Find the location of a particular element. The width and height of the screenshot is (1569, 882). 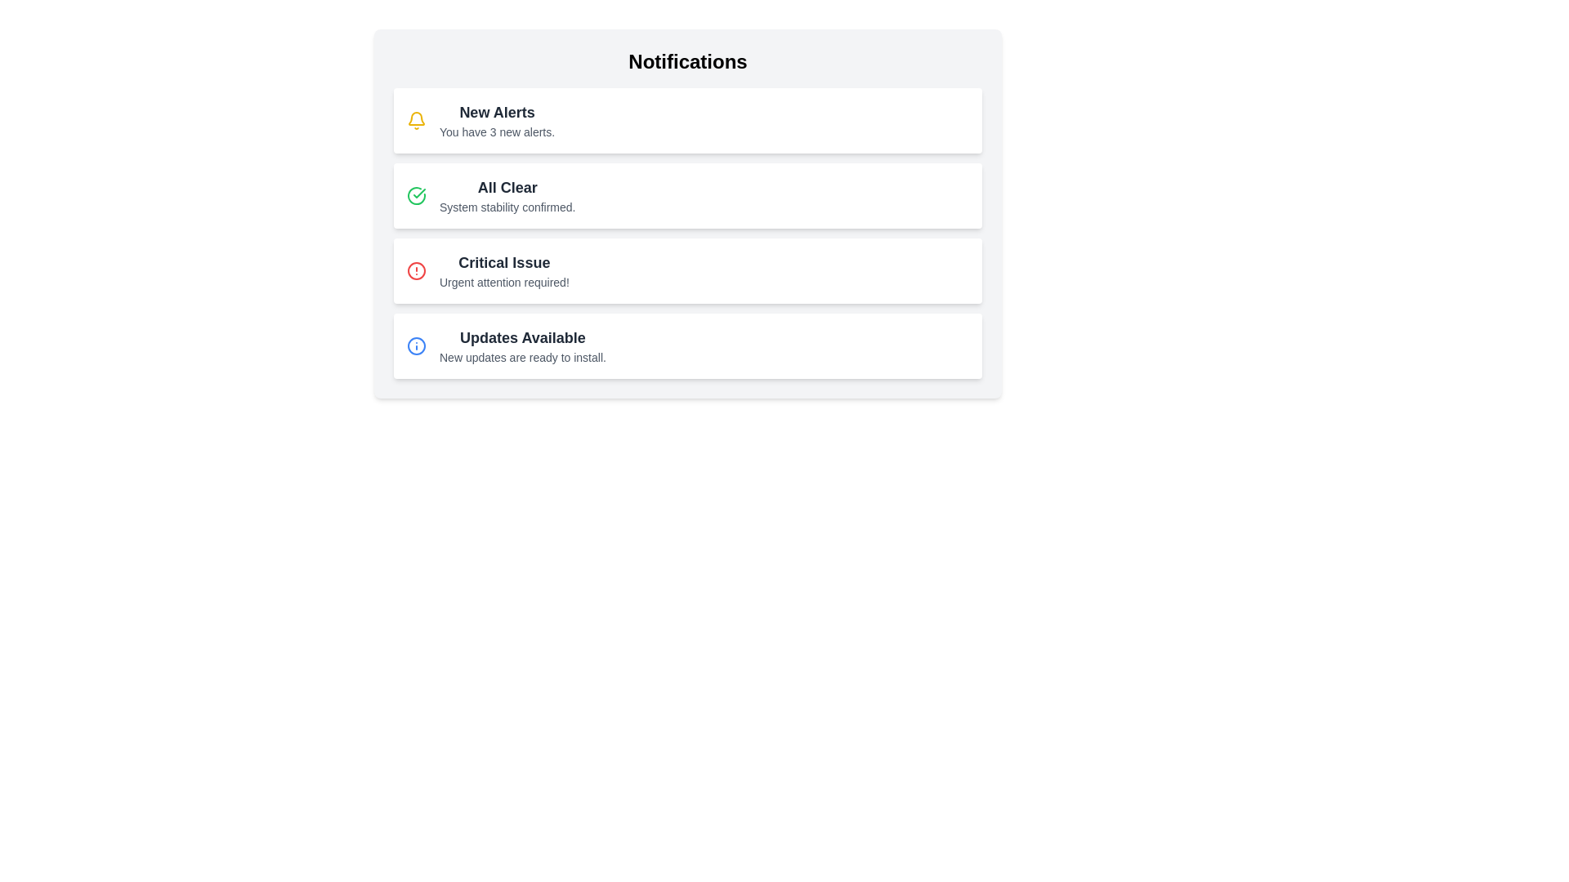

text block containing 'All Clear' and 'System stability confirmed.' located in the second row of the notification list is located at coordinates (507, 194).